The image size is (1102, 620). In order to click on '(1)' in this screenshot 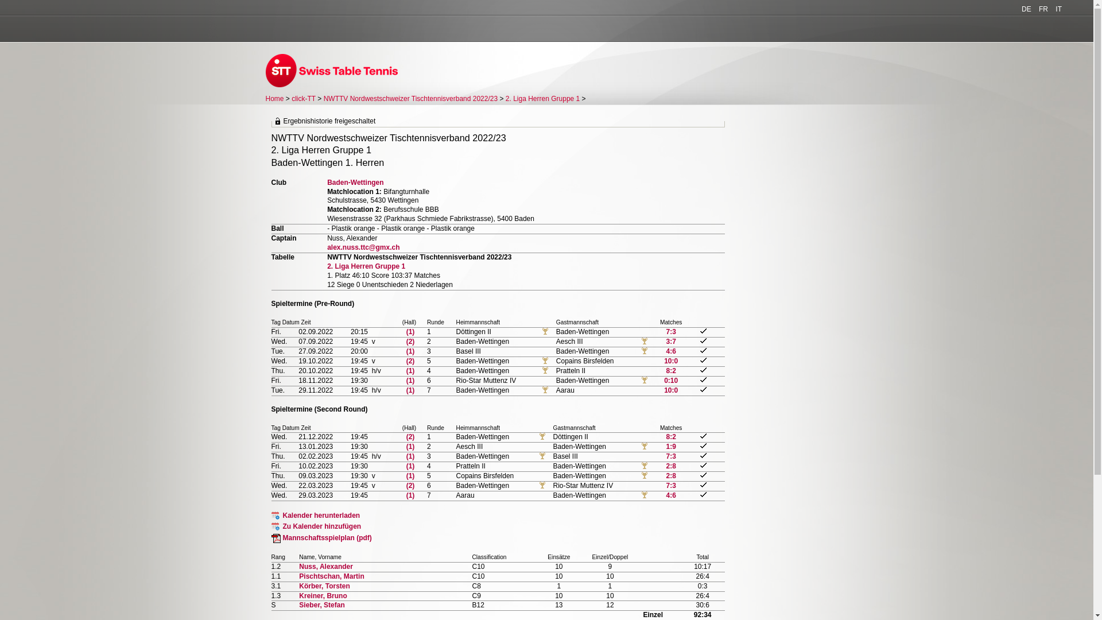, I will do `click(410, 332)`.